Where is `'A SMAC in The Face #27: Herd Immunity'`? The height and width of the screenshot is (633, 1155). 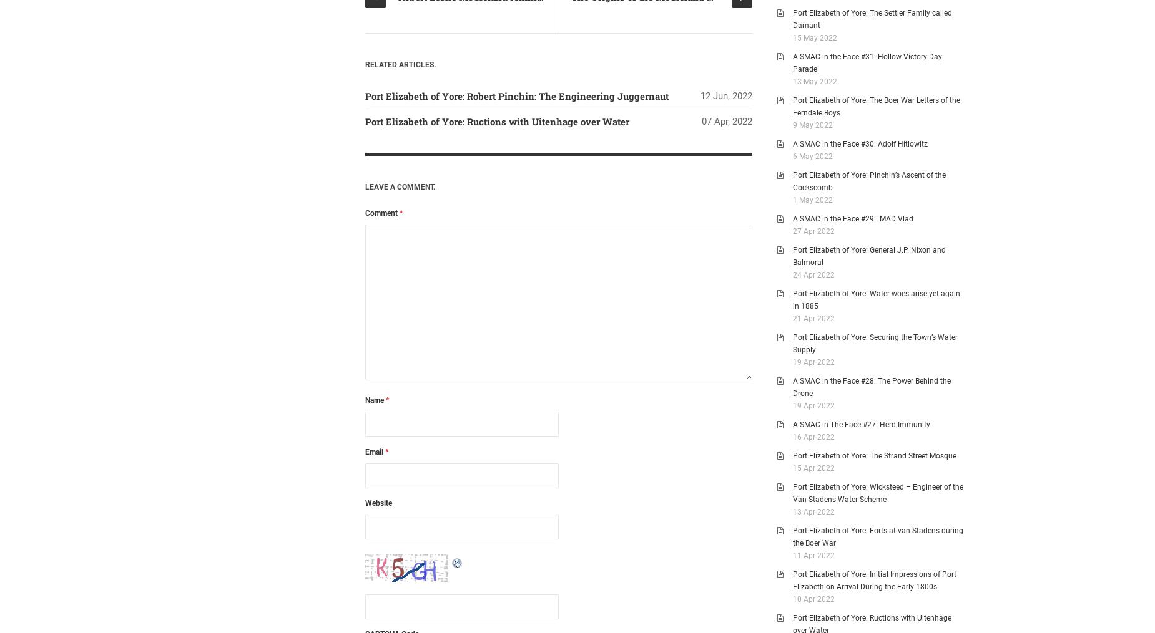 'A SMAC in The Face #27: Herd Immunity' is located at coordinates (860, 424).